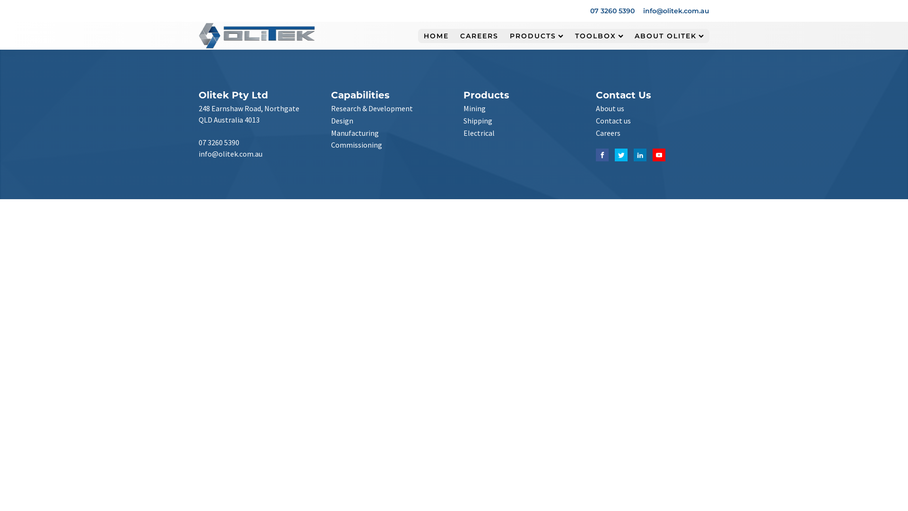 Image resolution: width=908 pixels, height=511 pixels. What do you see at coordinates (198, 95) in the screenshot?
I see `'Olitek Pty Ltd'` at bounding box center [198, 95].